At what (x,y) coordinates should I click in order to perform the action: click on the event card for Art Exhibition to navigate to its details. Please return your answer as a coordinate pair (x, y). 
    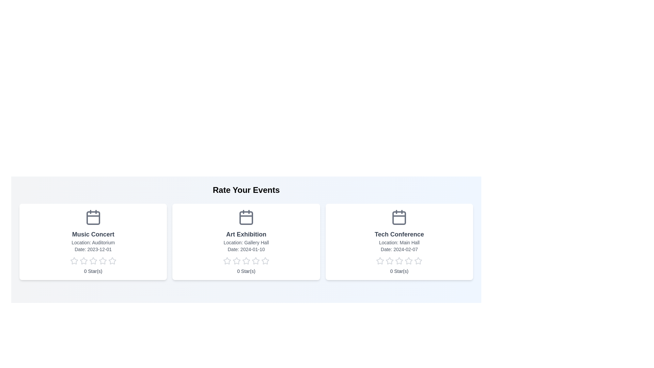
    Looking at the image, I should click on (246, 241).